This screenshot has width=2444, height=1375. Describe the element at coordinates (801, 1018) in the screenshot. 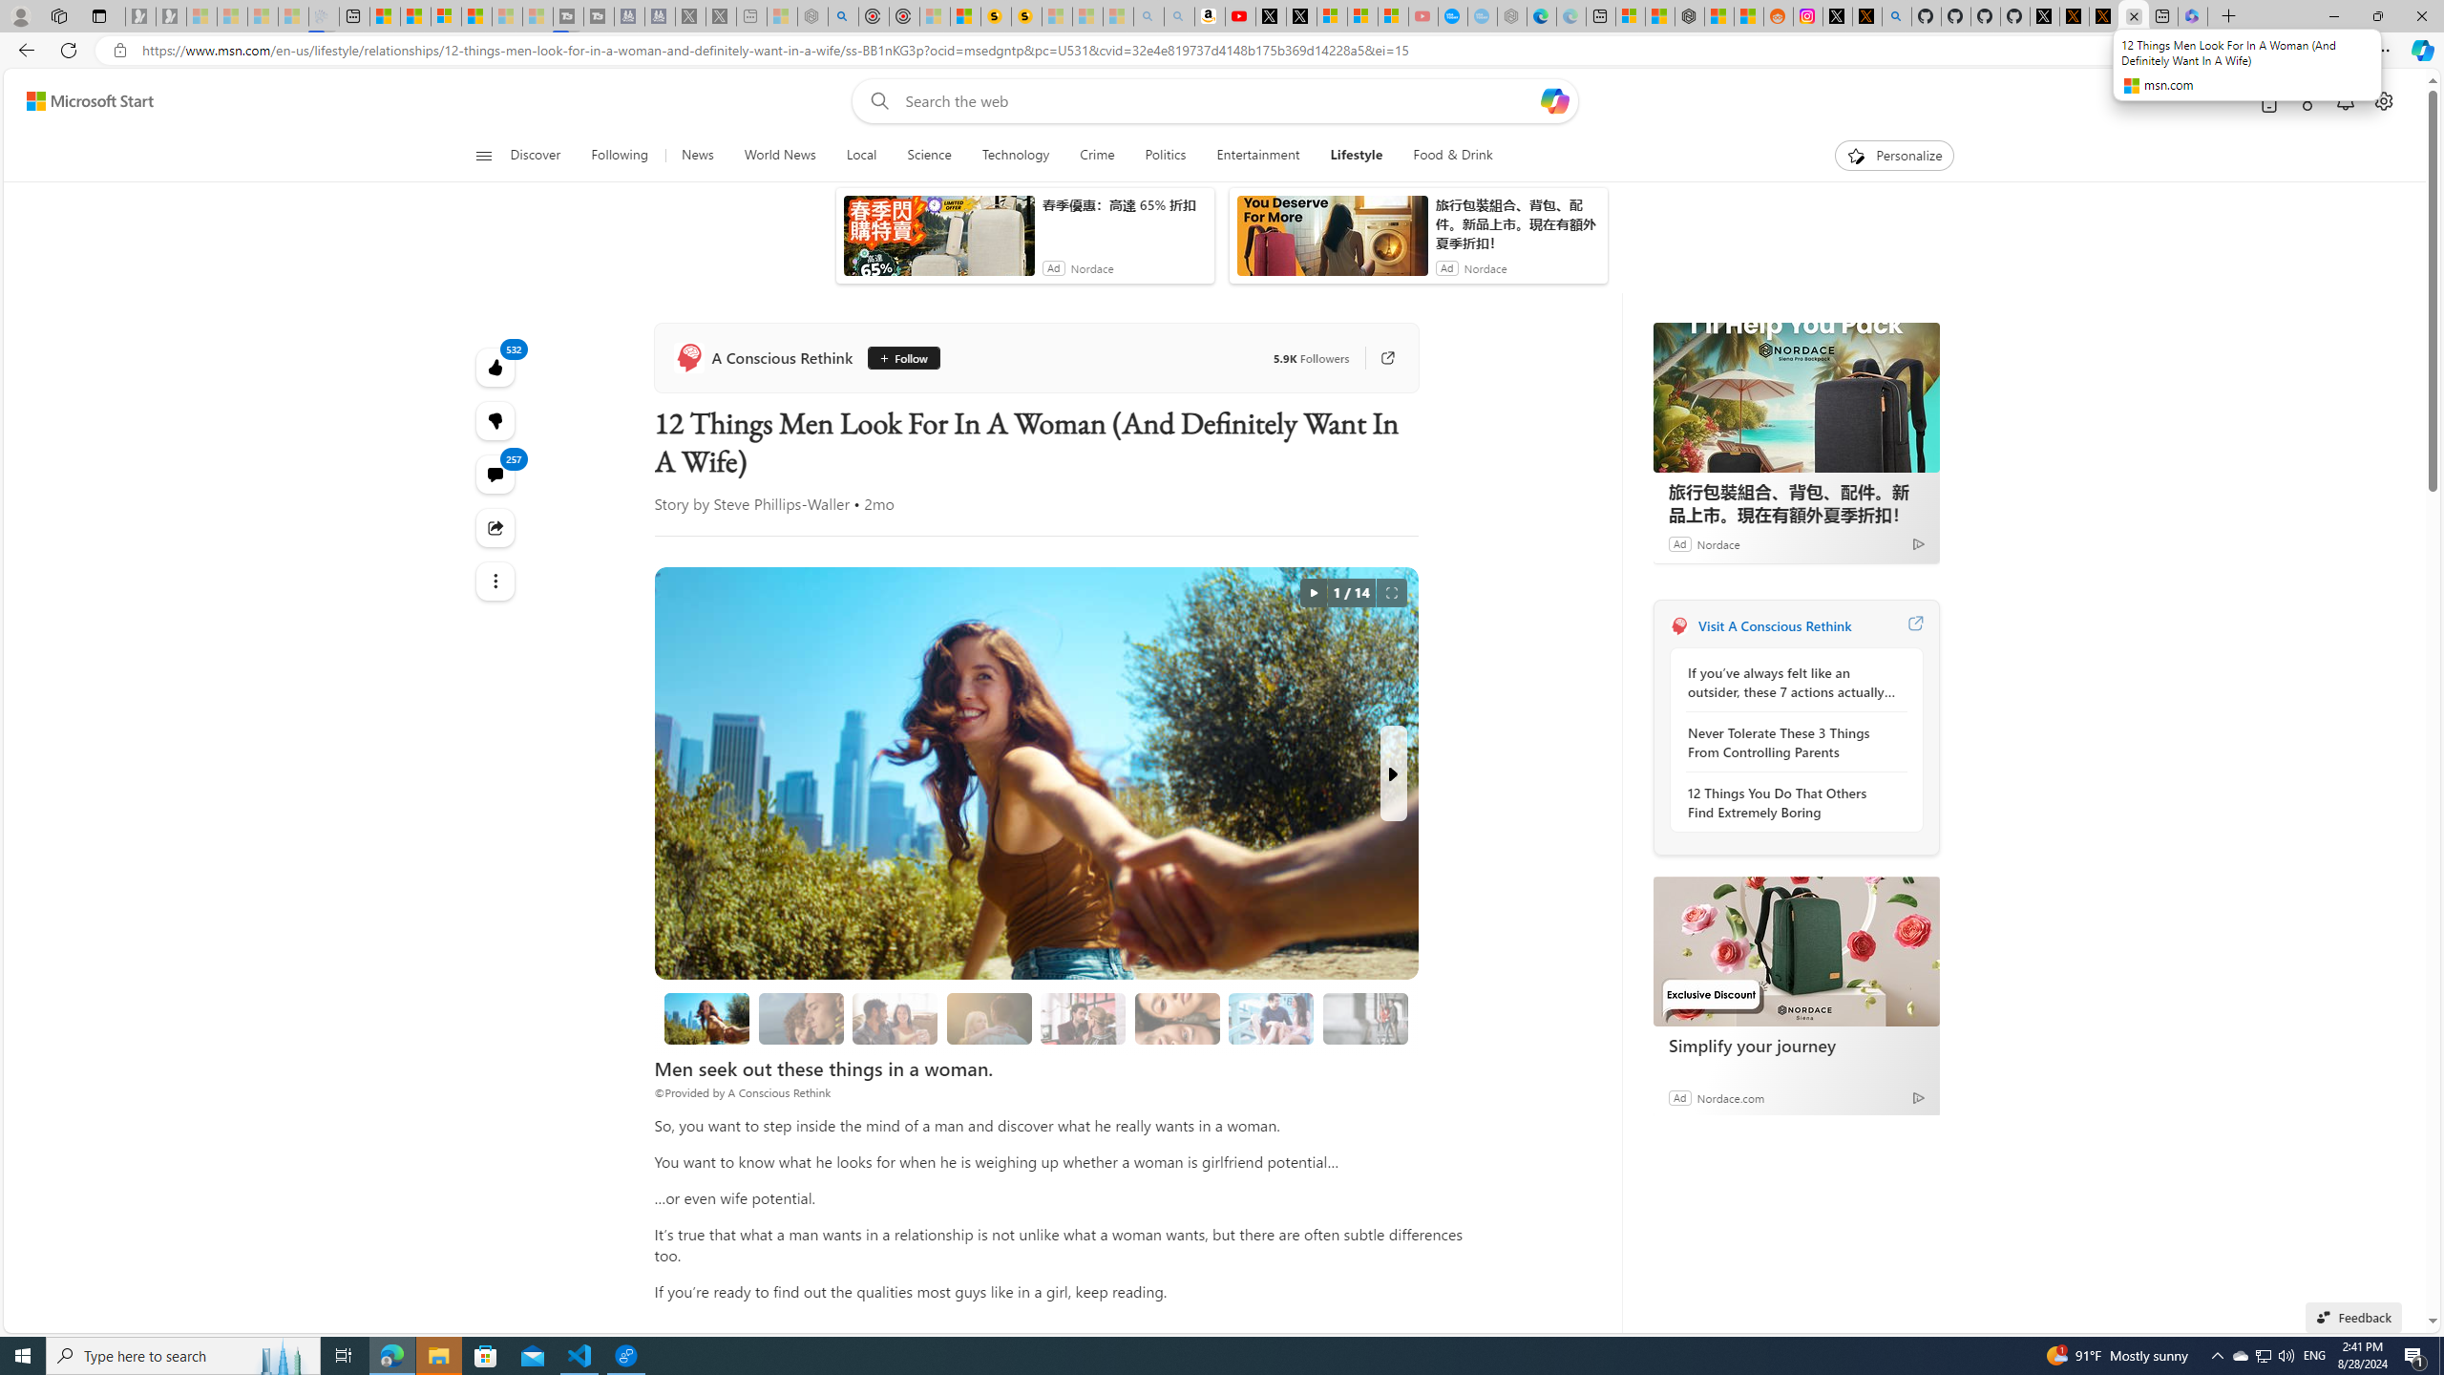

I see `'1. She is compassionate.'` at that location.